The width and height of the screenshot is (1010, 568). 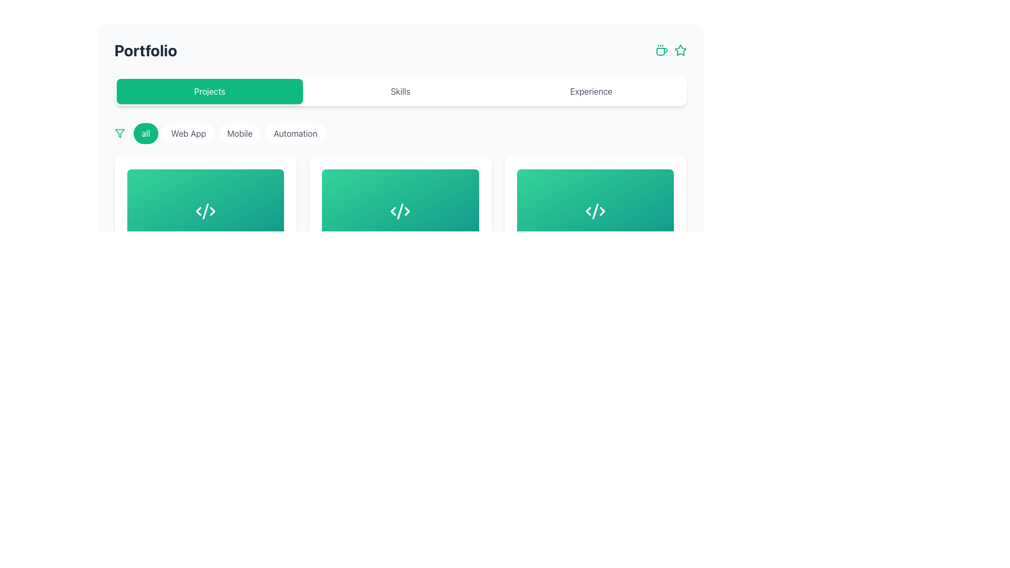 I want to click on the leftmost filter button, so click(x=145, y=133).